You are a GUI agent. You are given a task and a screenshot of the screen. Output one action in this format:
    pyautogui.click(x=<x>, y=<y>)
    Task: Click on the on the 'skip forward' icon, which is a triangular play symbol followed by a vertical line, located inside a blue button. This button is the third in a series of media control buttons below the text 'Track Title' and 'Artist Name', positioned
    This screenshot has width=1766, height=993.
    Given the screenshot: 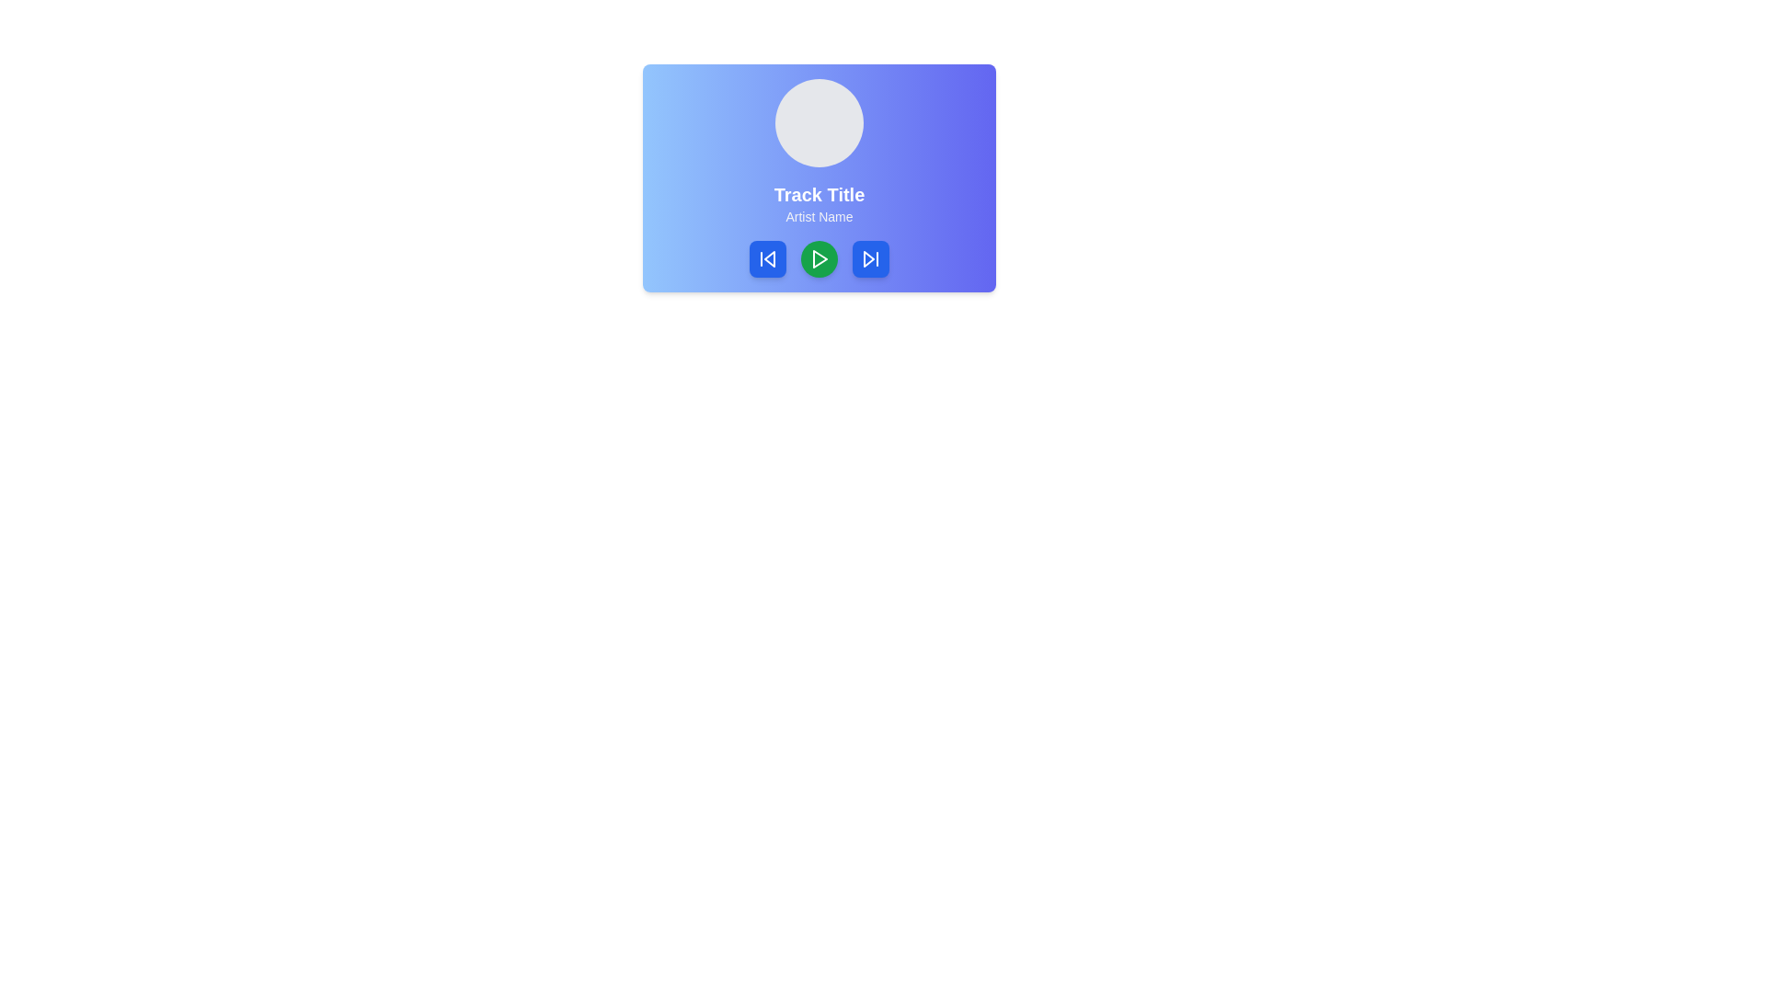 What is the action you would take?
    pyautogui.click(x=869, y=258)
    